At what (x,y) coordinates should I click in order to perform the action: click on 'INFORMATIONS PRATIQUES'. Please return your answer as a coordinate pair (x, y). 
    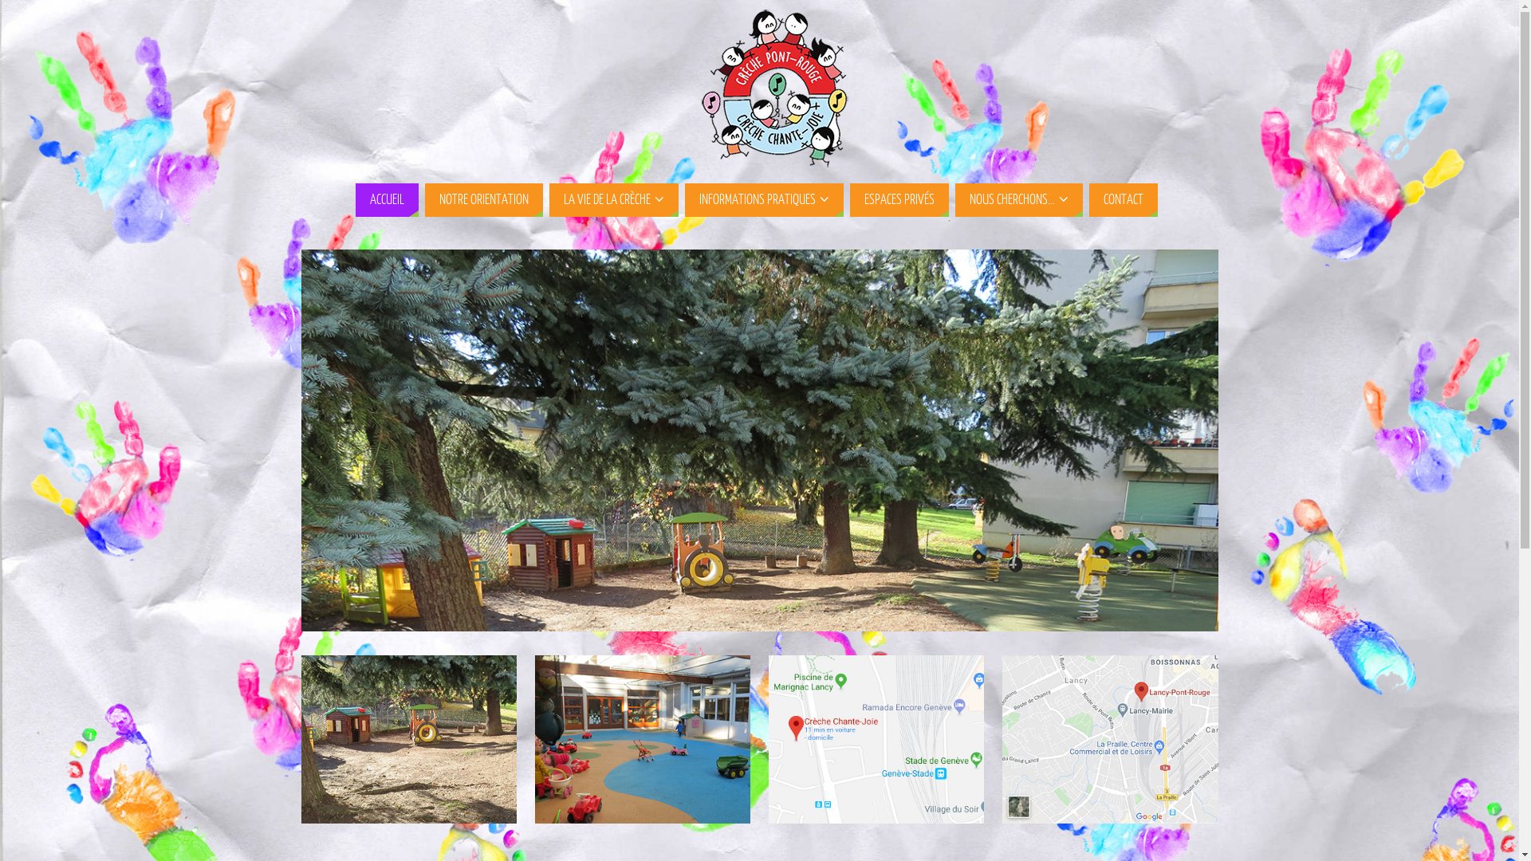
    Looking at the image, I should click on (762, 199).